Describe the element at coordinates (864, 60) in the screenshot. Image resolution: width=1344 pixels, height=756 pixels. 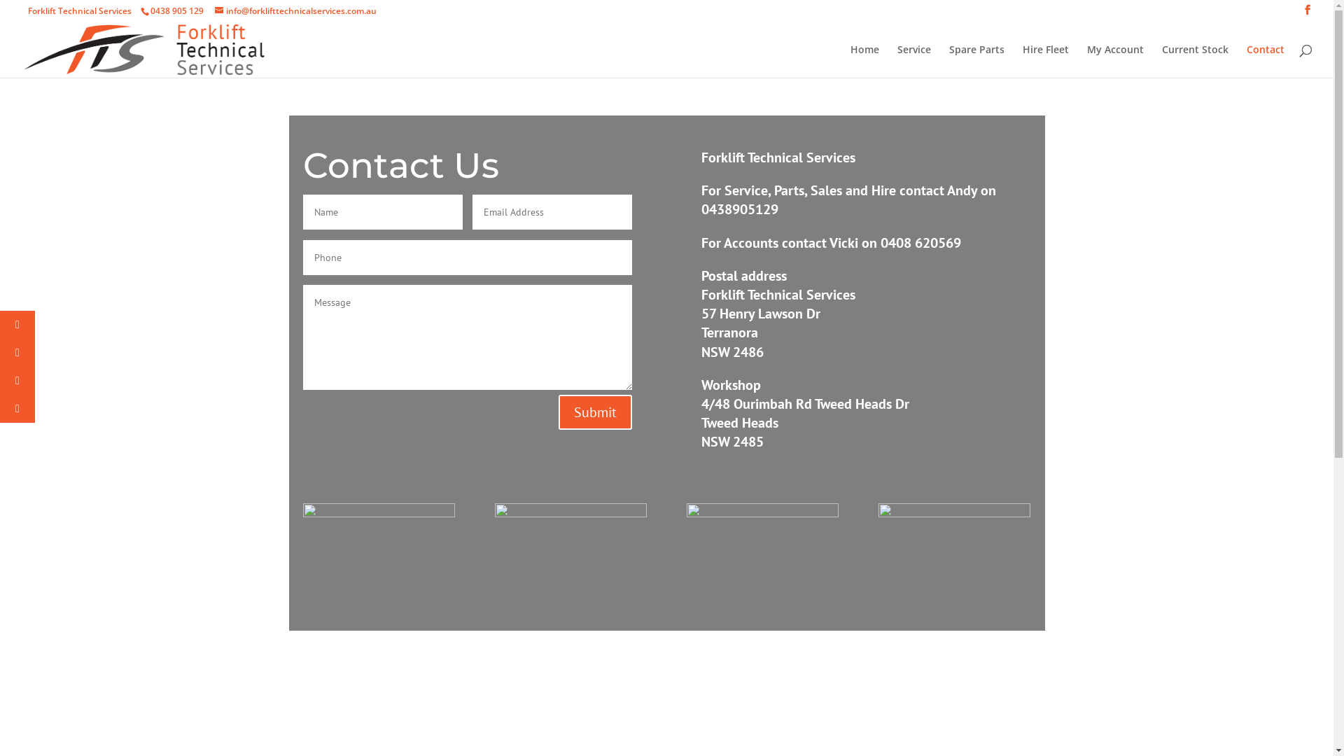
I see `'Home'` at that location.